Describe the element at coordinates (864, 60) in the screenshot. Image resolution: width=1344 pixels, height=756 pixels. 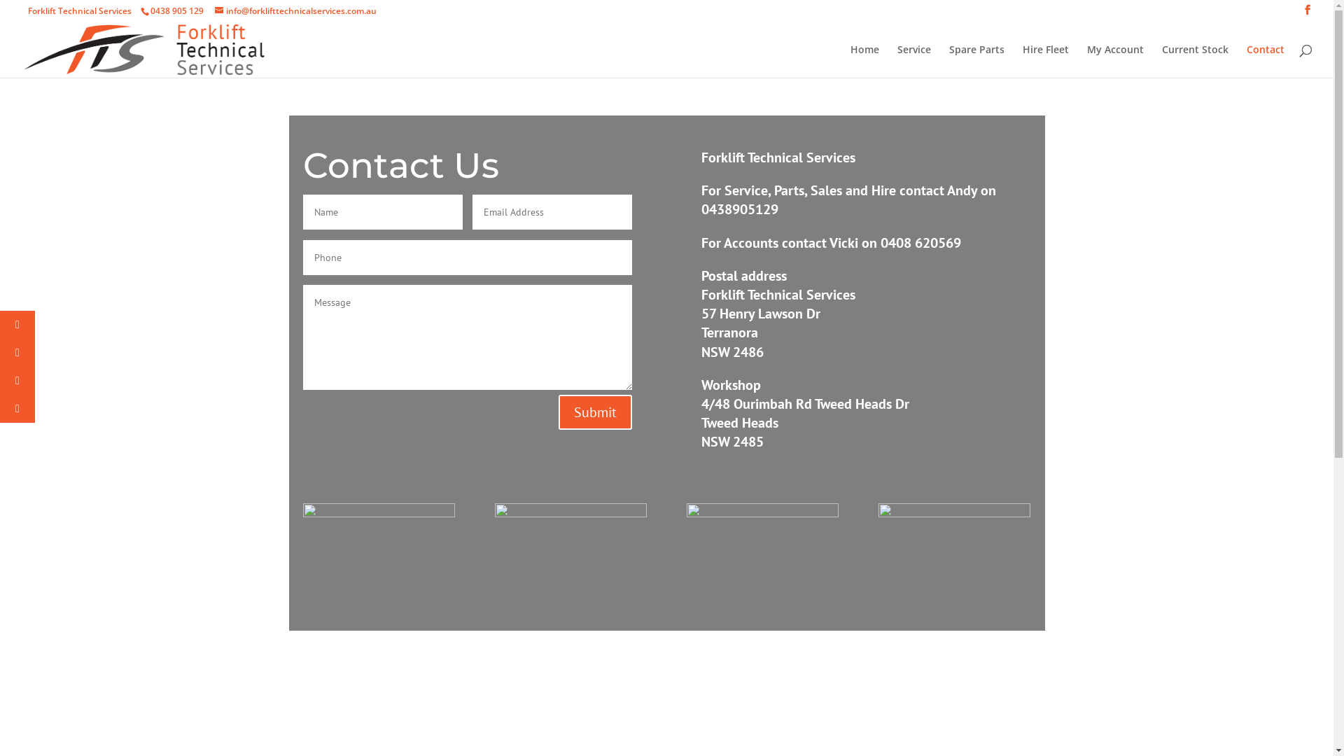
I see `'Home'` at that location.